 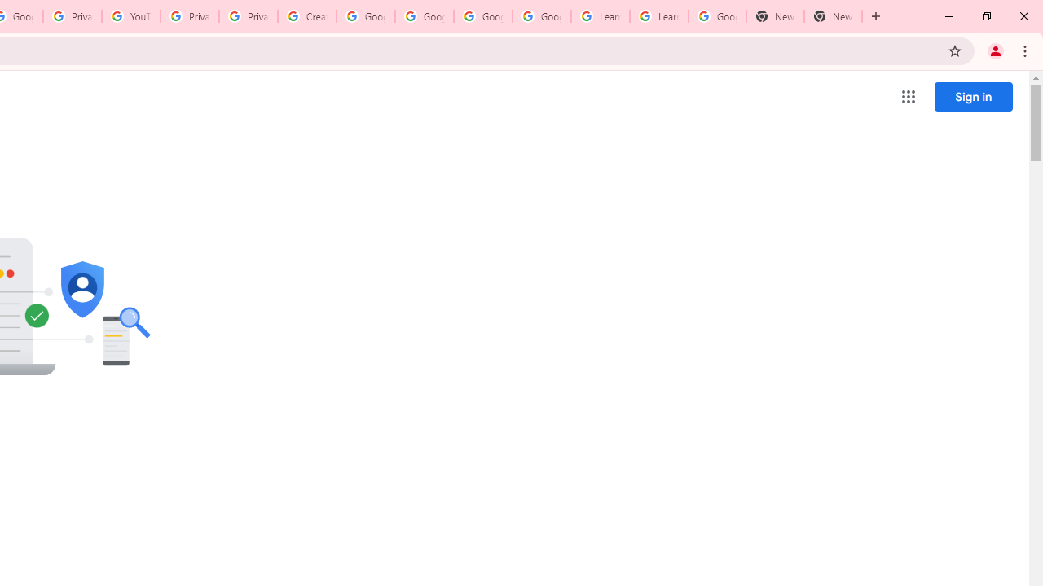 I want to click on 'Google Account Help', so click(x=365, y=16).